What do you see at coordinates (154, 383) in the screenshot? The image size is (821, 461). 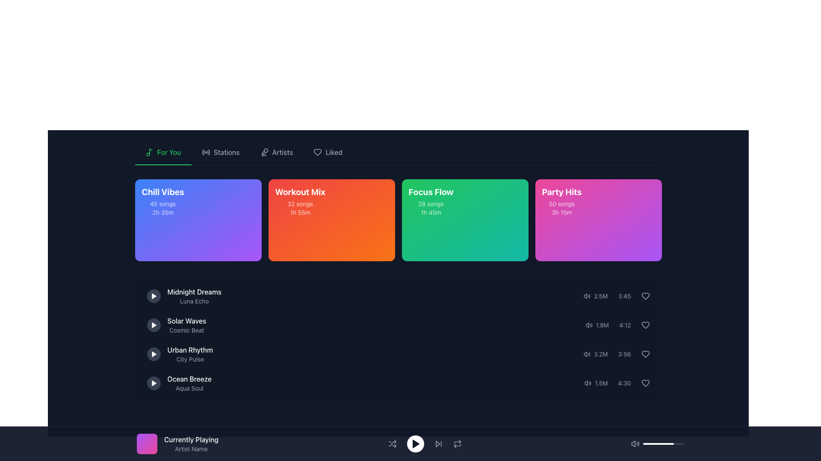 I see `the fourth play button in the vertical list of music tracks under the track titled 'Ocean Breeze' by 'Aqua Soul'` at bounding box center [154, 383].